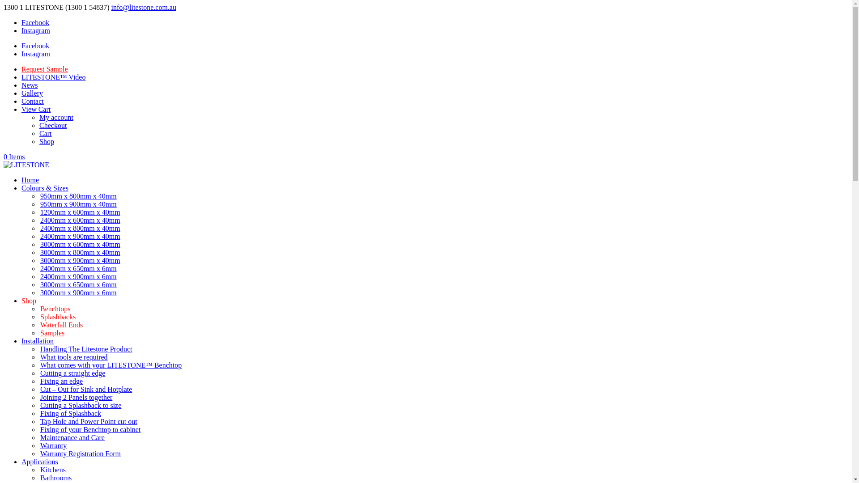  What do you see at coordinates (36, 54) in the screenshot?
I see `'Instagram'` at bounding box center [36, 54].